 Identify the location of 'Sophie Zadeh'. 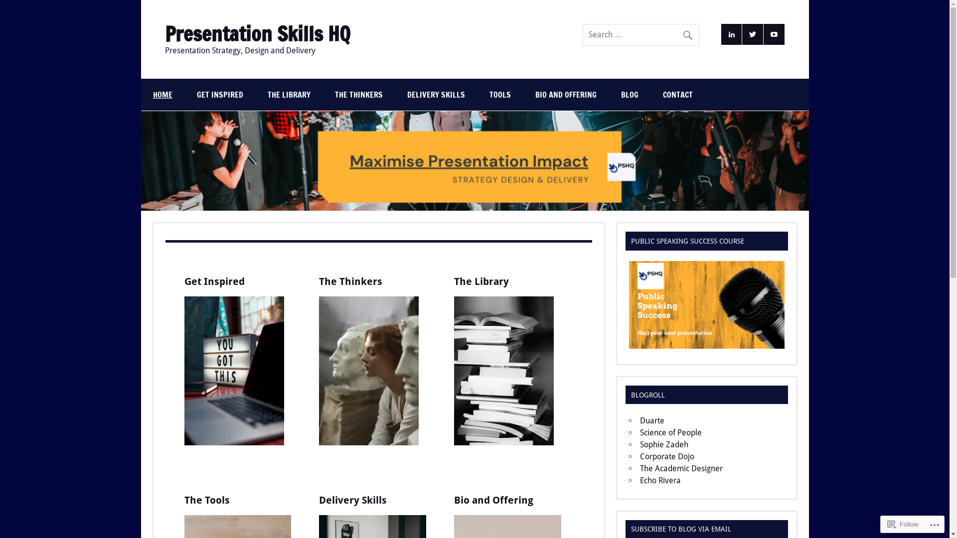
(664, 444).